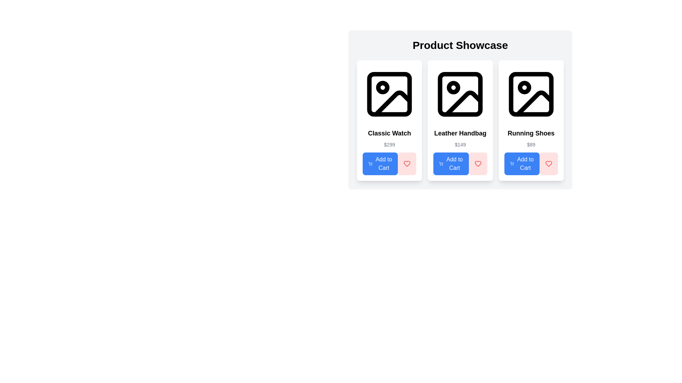 This screenshot has height=383, width=682. I want to click on the SVG placeholder image representing a photograph associated with the product 'Leather Handbag', which is centrally placed within a card layout, so click(460, 94).